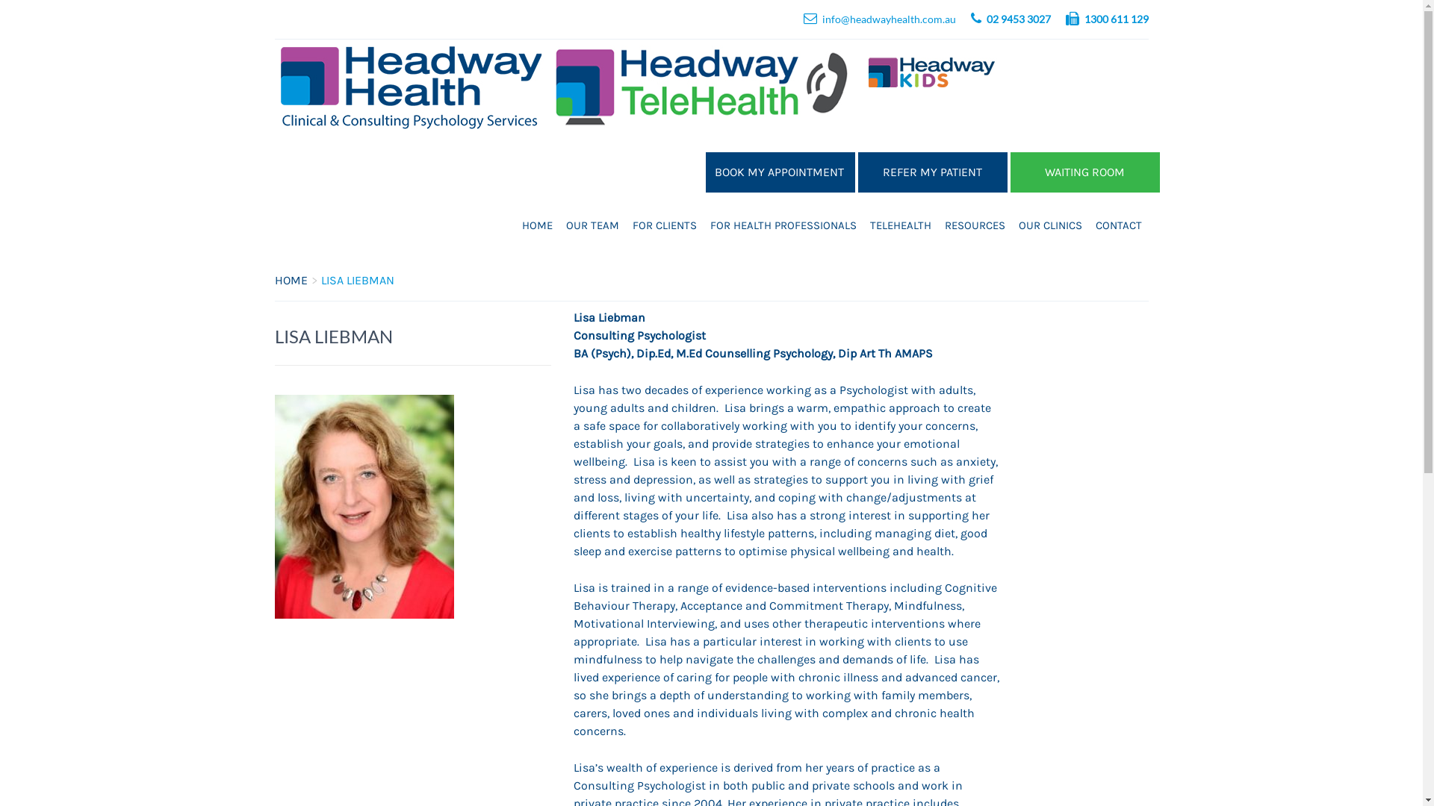 This screenshot has height=806, width=1434. I want to click on 'BOOK MY APPOINTMENT', so click(704, 172).